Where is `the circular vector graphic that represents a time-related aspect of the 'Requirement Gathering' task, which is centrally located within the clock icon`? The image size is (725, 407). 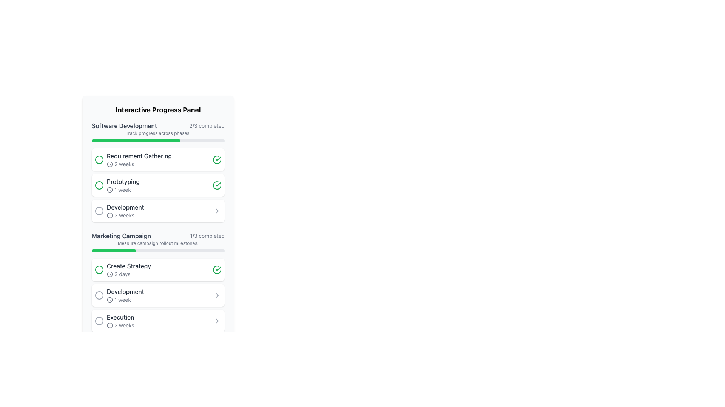 the circular vector graphic that represents a time-related aspect of the 'Requirement Gathering' task, which is centrally located within the clock icon is located at coordinates (110, 164).